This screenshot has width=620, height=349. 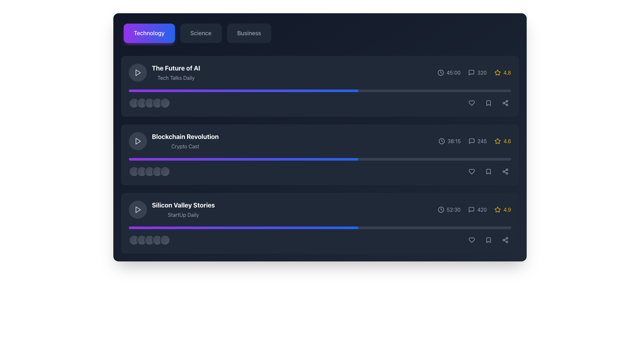 I want to click on the third Avatar in the group located beneath the progress bar in the section labeled 'The Future of AI', so click(x=149, y=103).